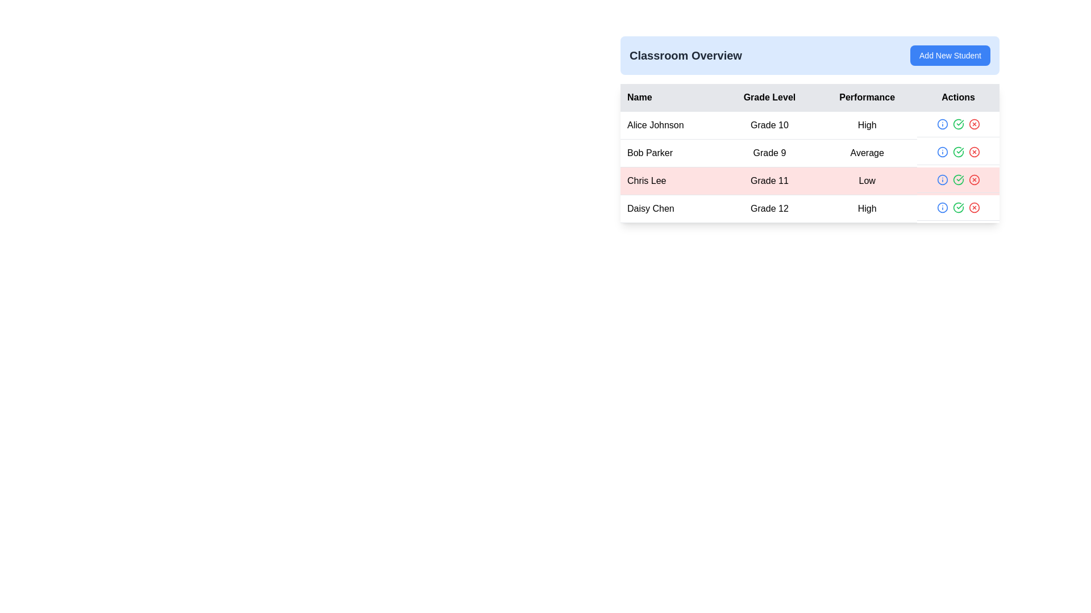 This screenshot has width=1091, height=613. Describe the element at coordinates (867, 180) in the screenshot. I see `the Text label indicating the performance level of the student Chris Lee in Grade 11, located in the third row of the table under the 'Performance' column` at that location.